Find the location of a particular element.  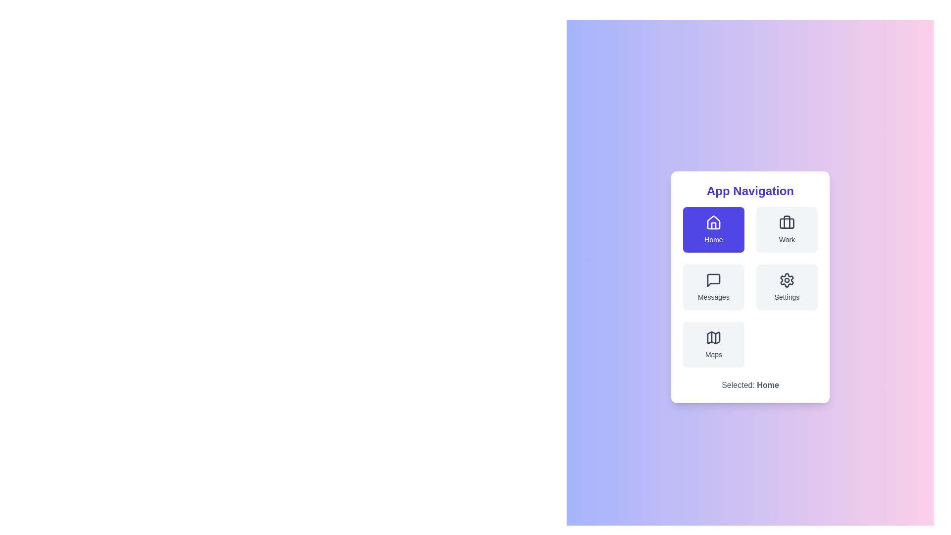

the menu item Home from the available options is located at coordinates (713, 229).